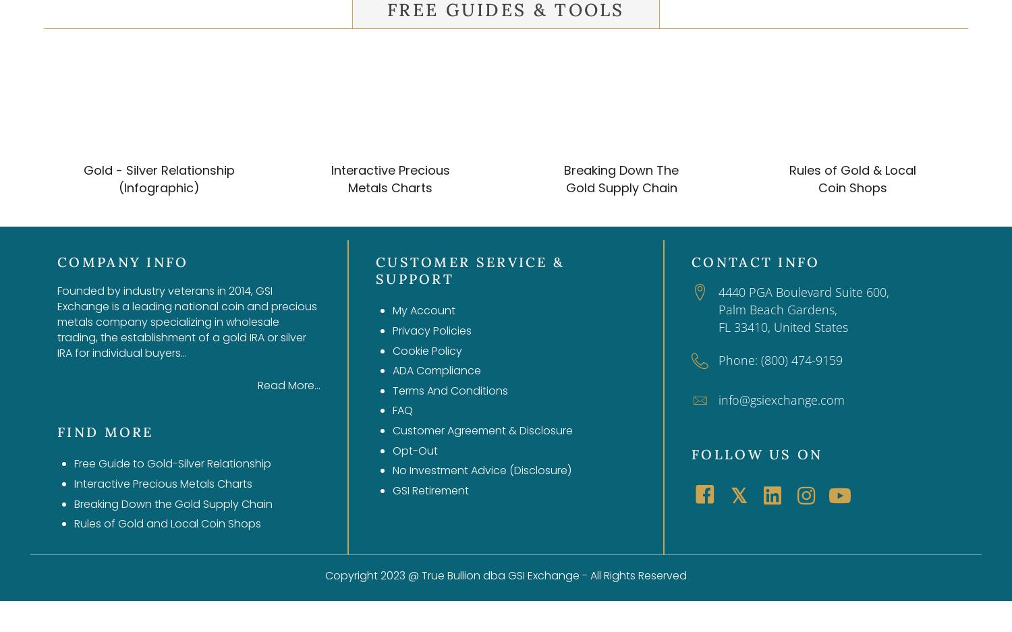 This screenshot has width=1012, height=632. What do you see at coordinates (755, 261) in the screenshot?
I see `'CONTACT INFO'` at bounding box center [755, 261].